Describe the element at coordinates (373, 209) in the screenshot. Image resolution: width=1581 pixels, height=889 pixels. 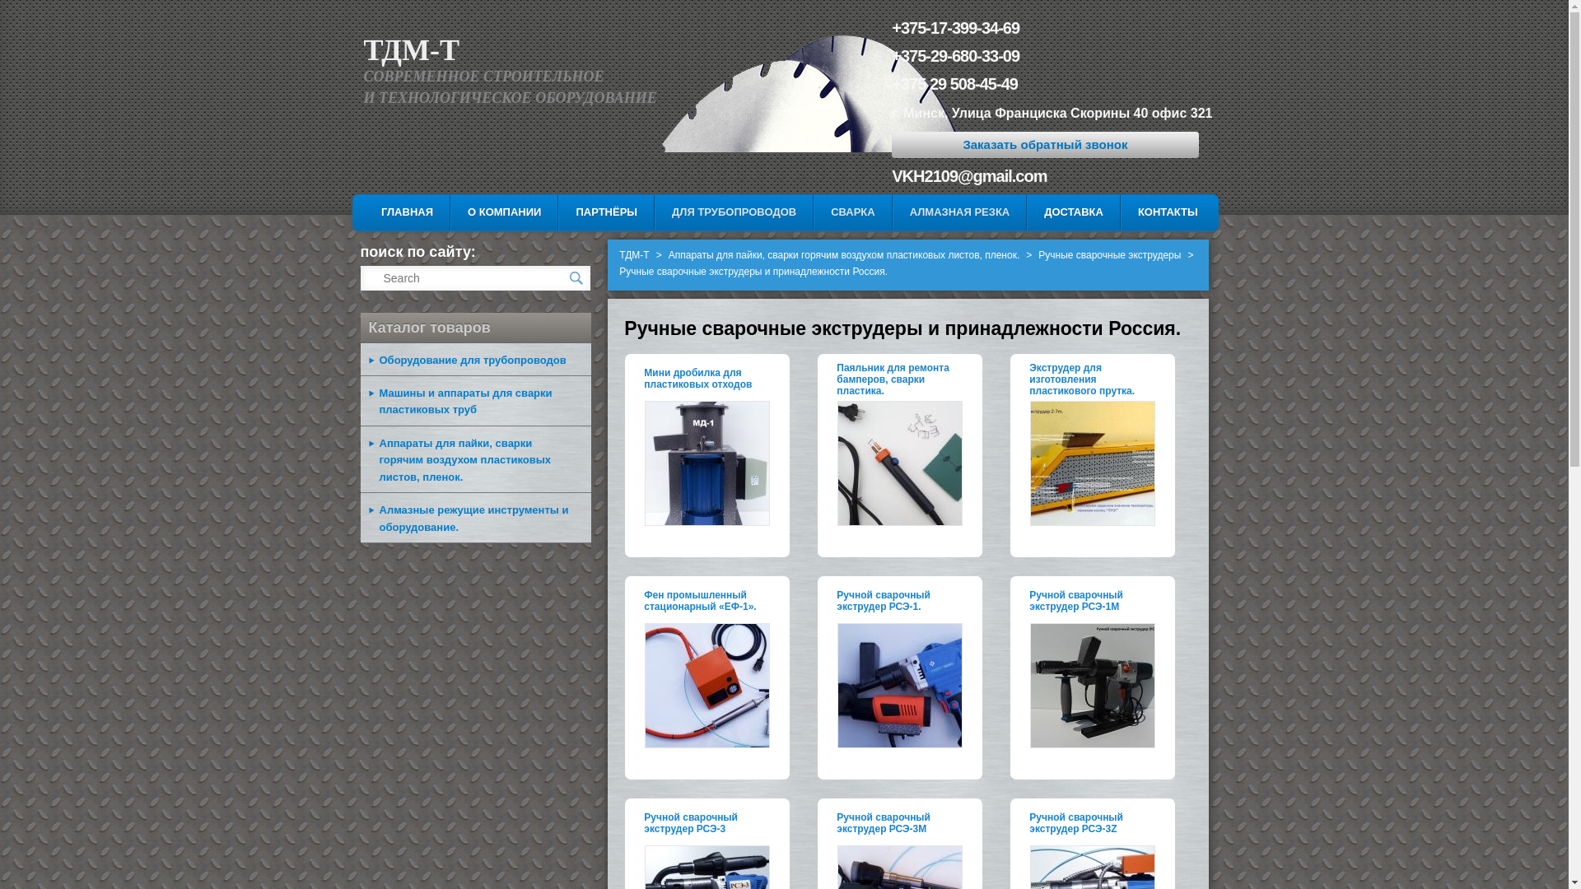
I see `'SKIP TO PRIMARY CONTENT'` at that location.